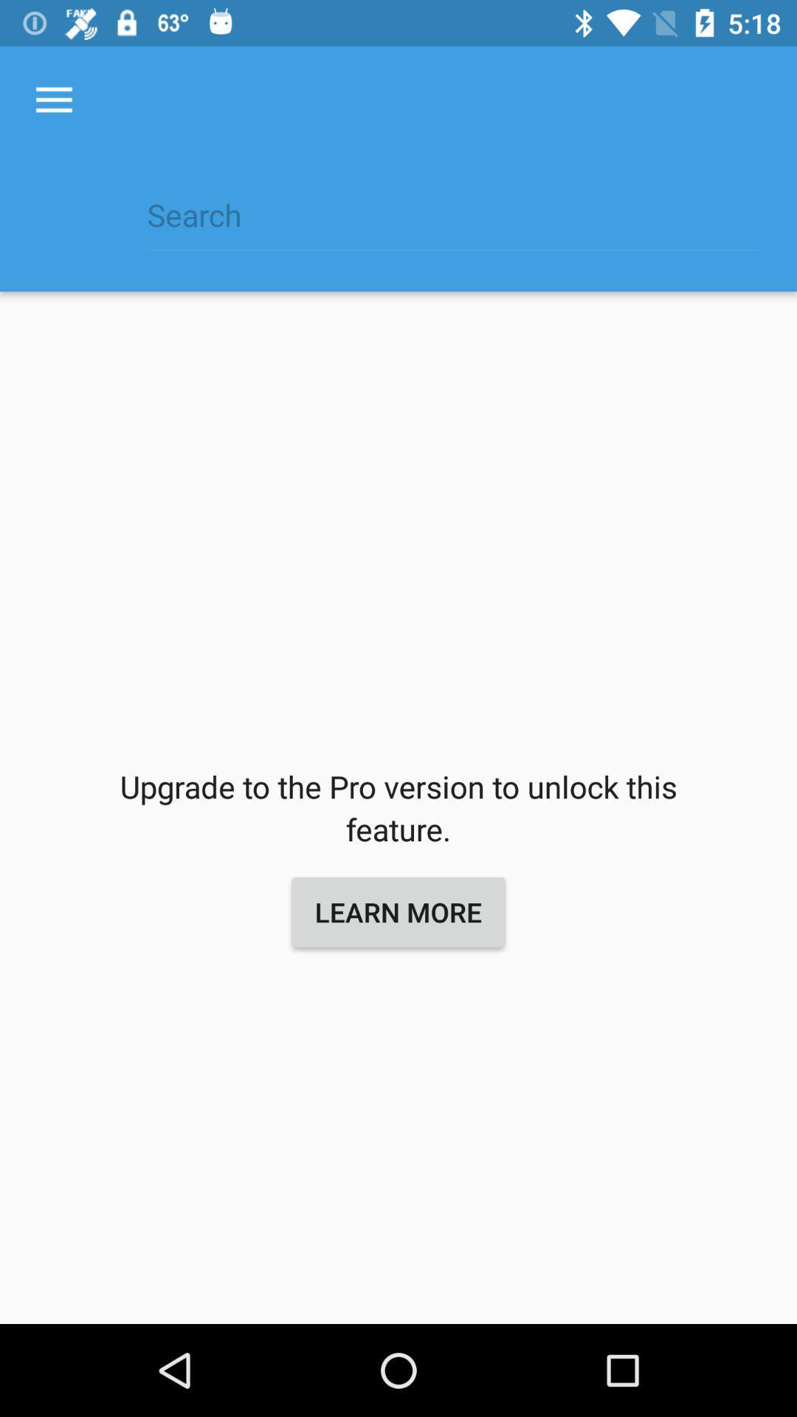 The width and height of the screenshot is (797, 1417). What do you see at coordinates (53, 100) in the screenshot?
I see `the item at the top left corner` at bounding box center [53, 100].